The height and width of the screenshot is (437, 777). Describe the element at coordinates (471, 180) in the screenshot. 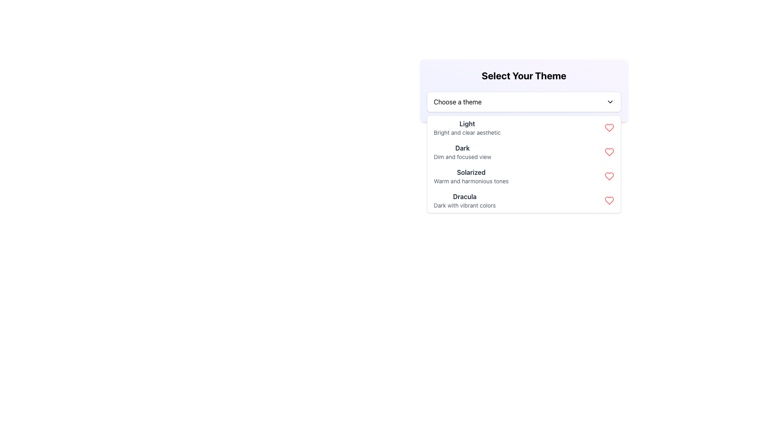

I see `the descriptive text label for the 'Solarized' theme which provides context about the visual style associated with this theme` at that location.